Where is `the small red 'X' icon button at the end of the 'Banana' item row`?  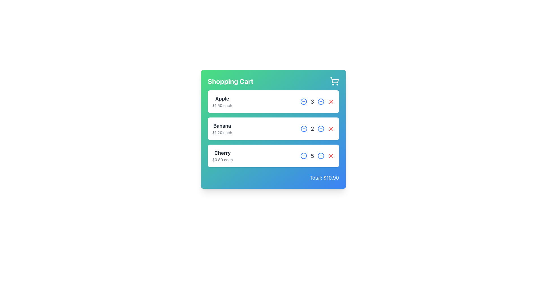 the small red 'X' icon button at the end of the 'Banana' item row is located at coordinates (331, 128).